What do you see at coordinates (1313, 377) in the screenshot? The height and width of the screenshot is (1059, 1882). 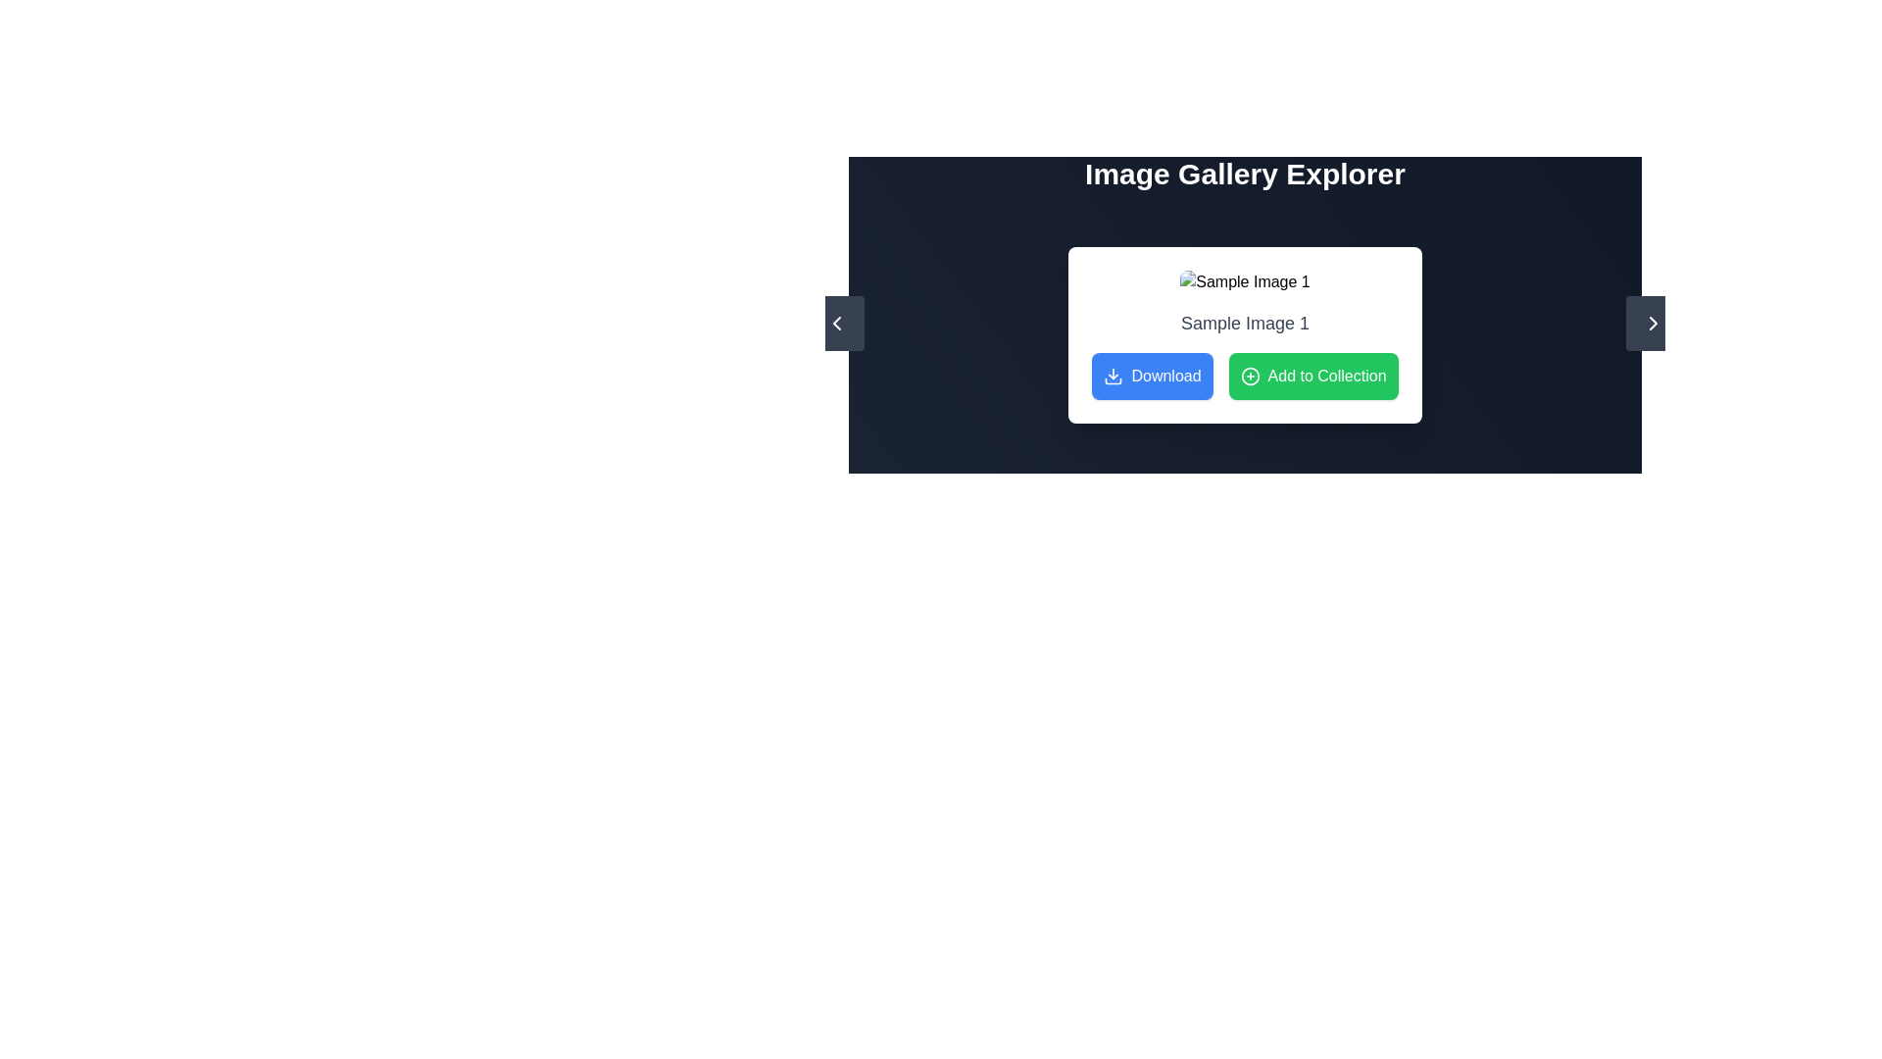 I see `the second button located to the right of the 'Download' button to change its appearance` at bounding box center [1313, 377].